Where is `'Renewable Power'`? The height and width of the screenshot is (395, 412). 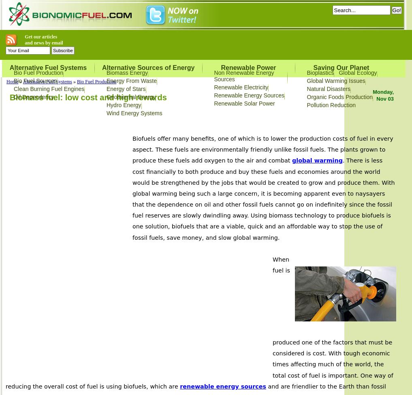
'Renewable Power' is located at coordinates (248, 67).